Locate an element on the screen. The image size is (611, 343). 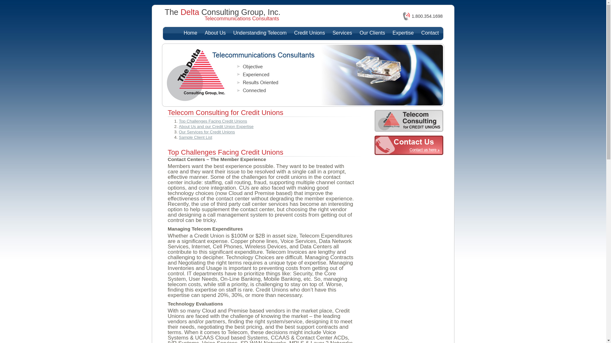
'Our Services for Credit Unions' is located at coordinates (178, 131).